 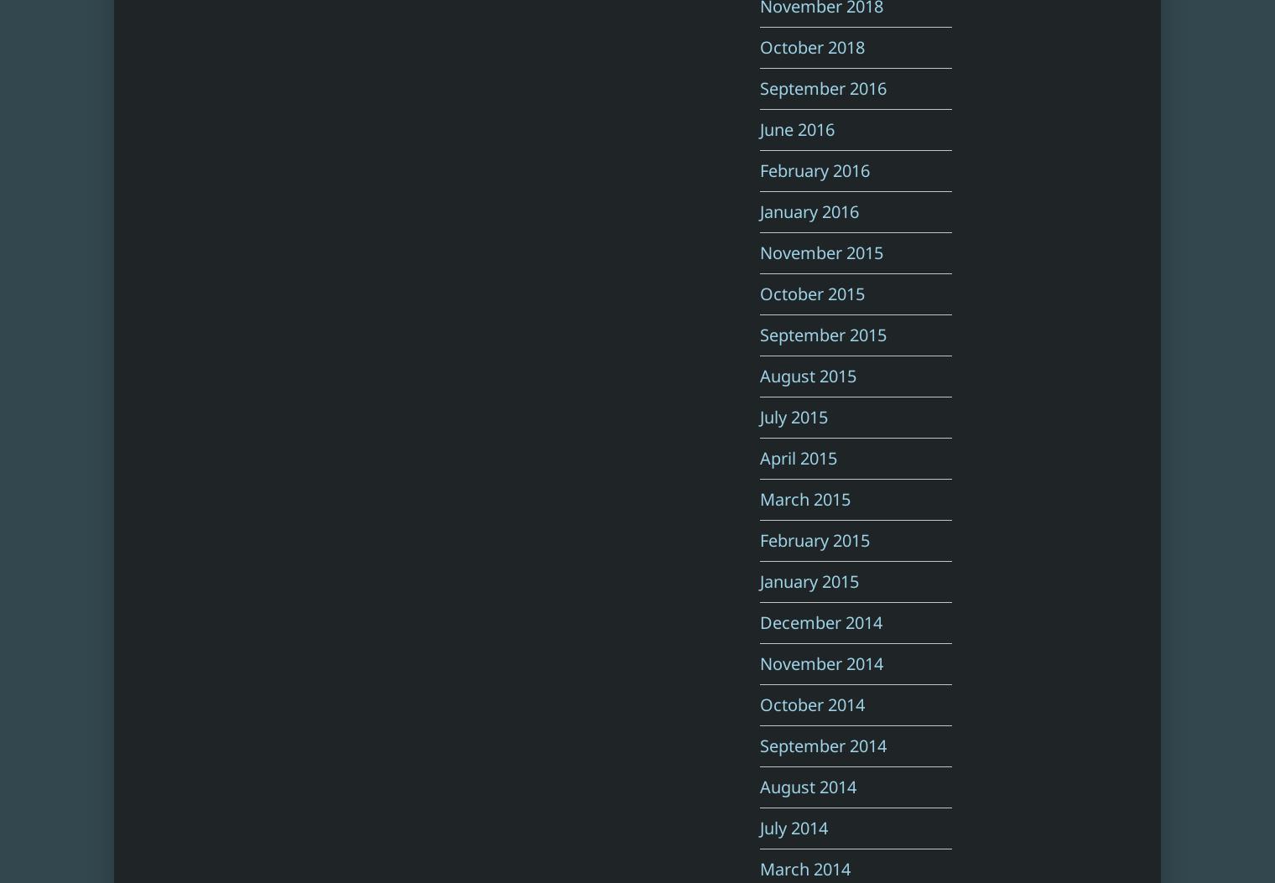 I want to click on 'March 2015', so click(x=760, y=499).